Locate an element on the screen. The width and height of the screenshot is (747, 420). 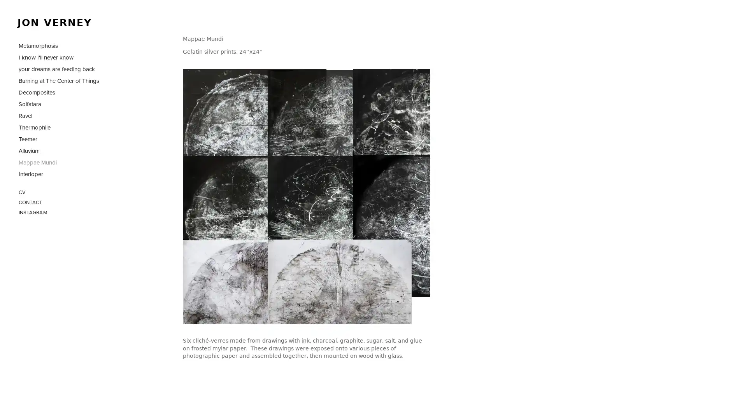
View fullsize mundi5.jpg is located at coordinates (306, 192).